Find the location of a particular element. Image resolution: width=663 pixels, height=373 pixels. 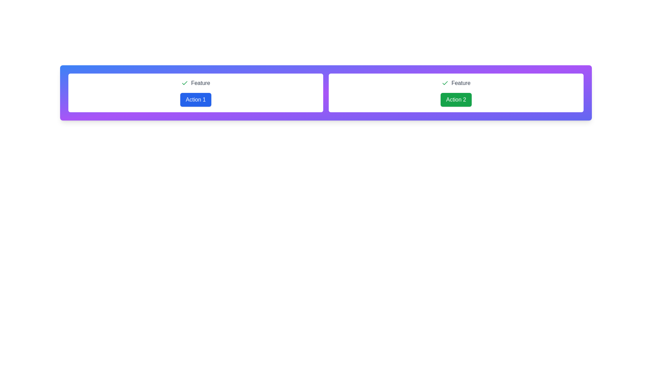

the static display element featuring a green checkmark icon and the text 'Feature' in gray, located above the blue button labeled 'Action 1' is located at coordinates (195, 83).